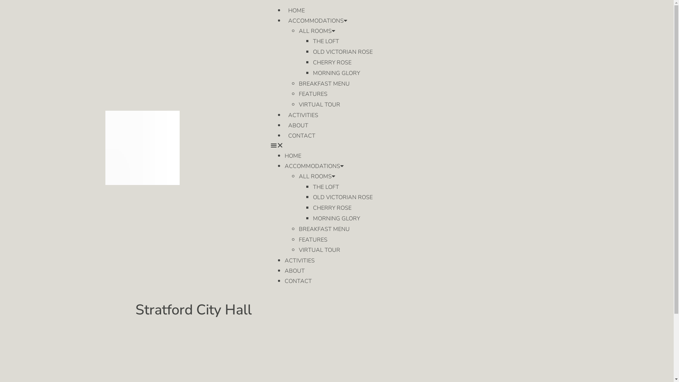  I want to click on 'ABOUT', so click(285, 271).